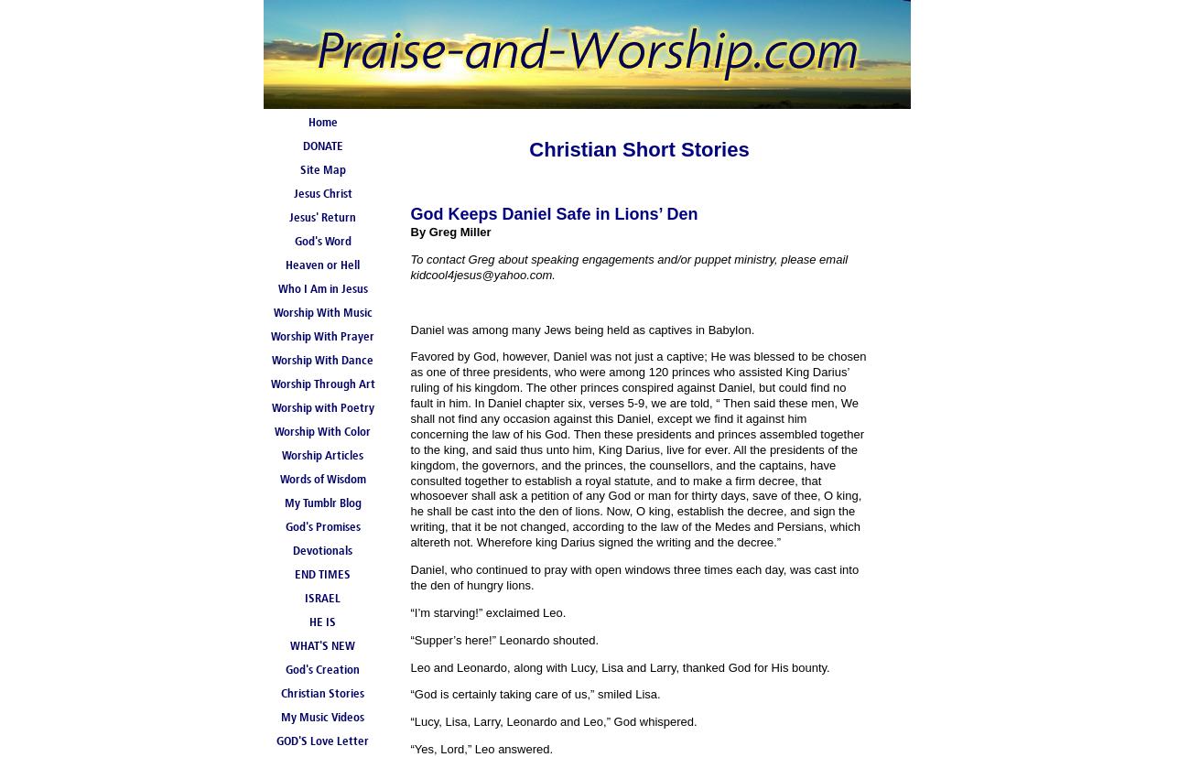 The width and height of the screenshot is (1190, 757). I want to click on 'DONATE', so click(321, 146).